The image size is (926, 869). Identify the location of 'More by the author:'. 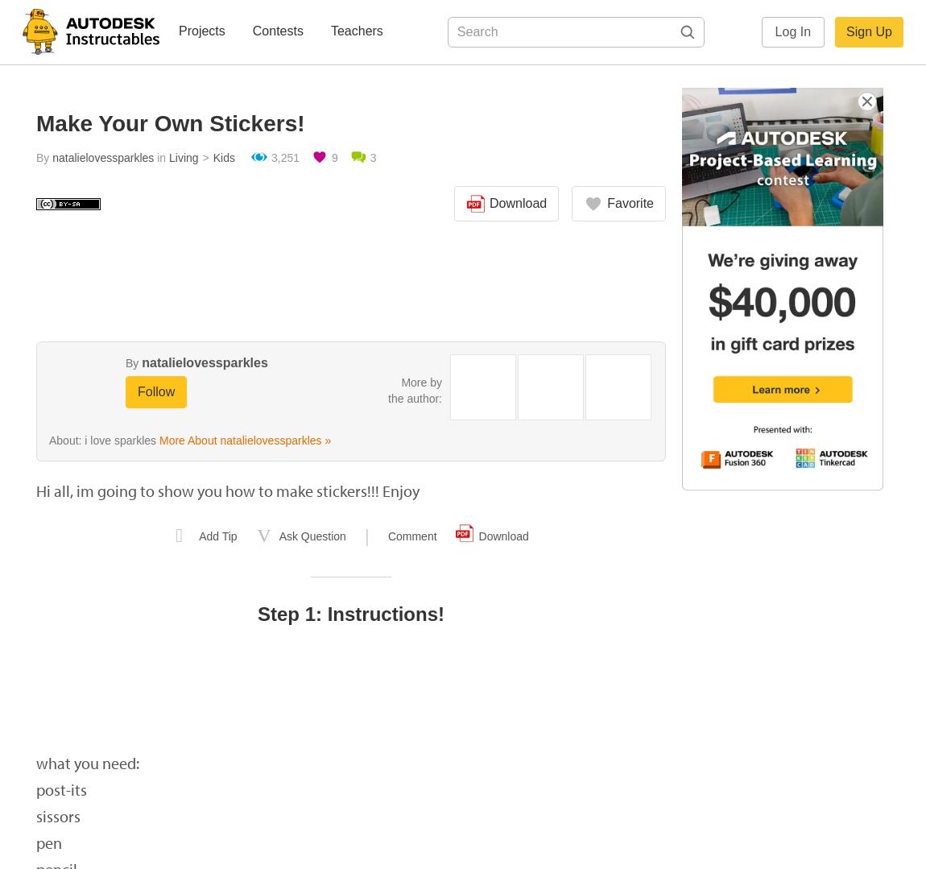
(415, 389).